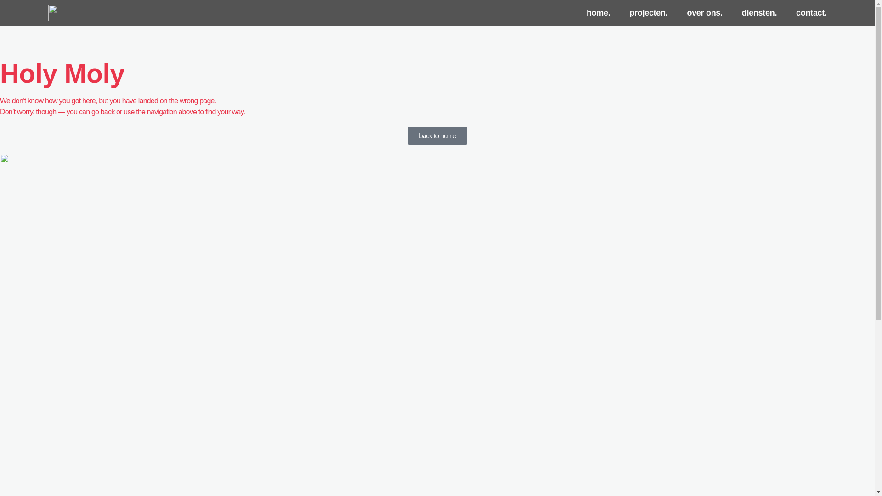  What do you see at coordinates (759, 12) in the screenshot?
I see `'diensten.'` at bounding box center [759, 12].